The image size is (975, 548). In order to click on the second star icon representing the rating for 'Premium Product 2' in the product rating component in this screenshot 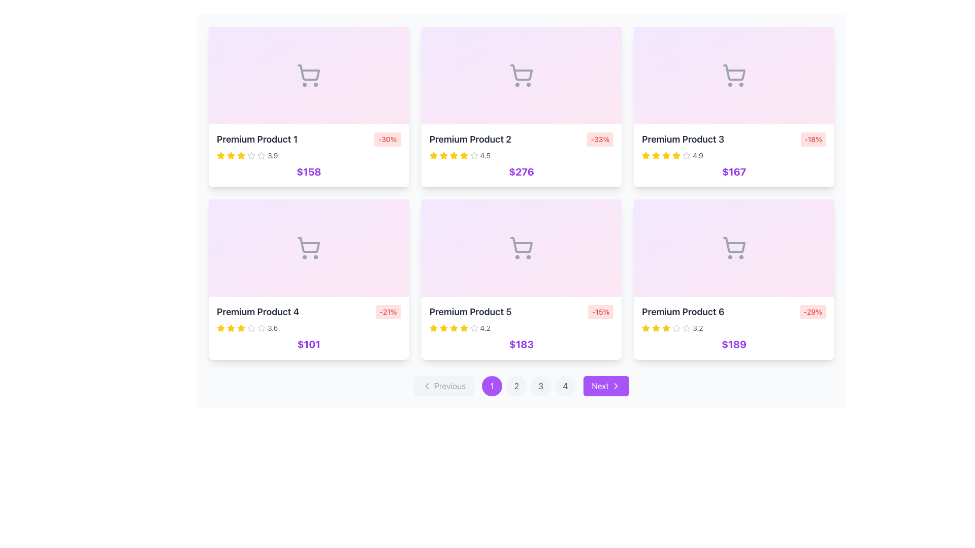, I will do `click(463, 155)`.